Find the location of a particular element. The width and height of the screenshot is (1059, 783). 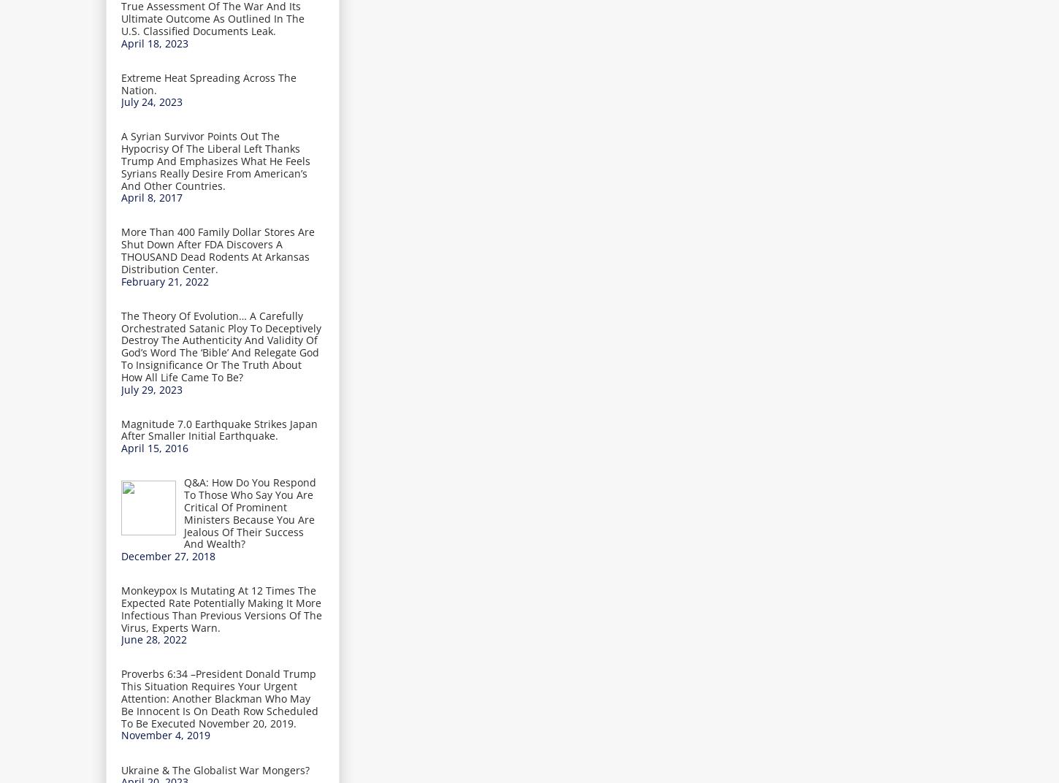

'More Than 400 Family Dollar Stores Are Shut Down After FDA Discovers A THOUSAND Dead Rodents At Arkansas Distribution Center.' is located at coordinates (218, 250).